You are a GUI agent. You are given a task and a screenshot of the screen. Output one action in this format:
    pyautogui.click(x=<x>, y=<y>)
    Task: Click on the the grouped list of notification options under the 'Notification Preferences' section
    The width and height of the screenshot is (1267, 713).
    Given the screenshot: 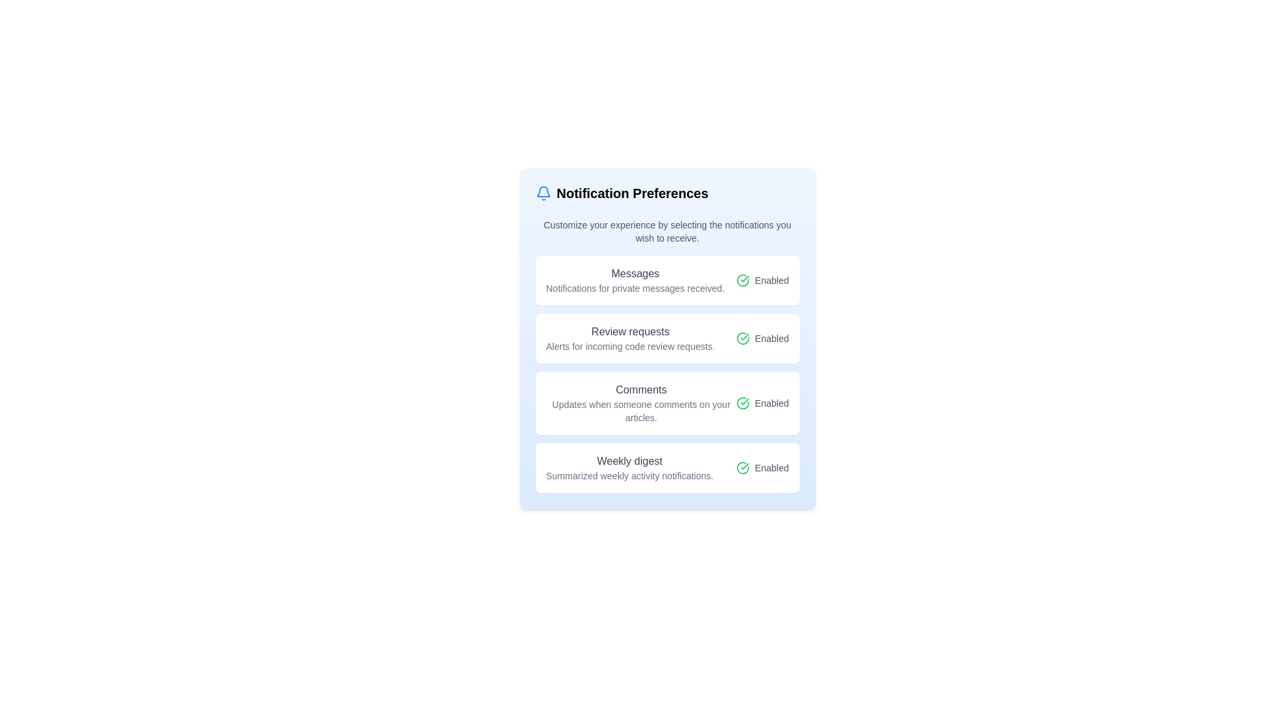 What is the action you would take?
    pyautogui.click(x=667, y=374)
    